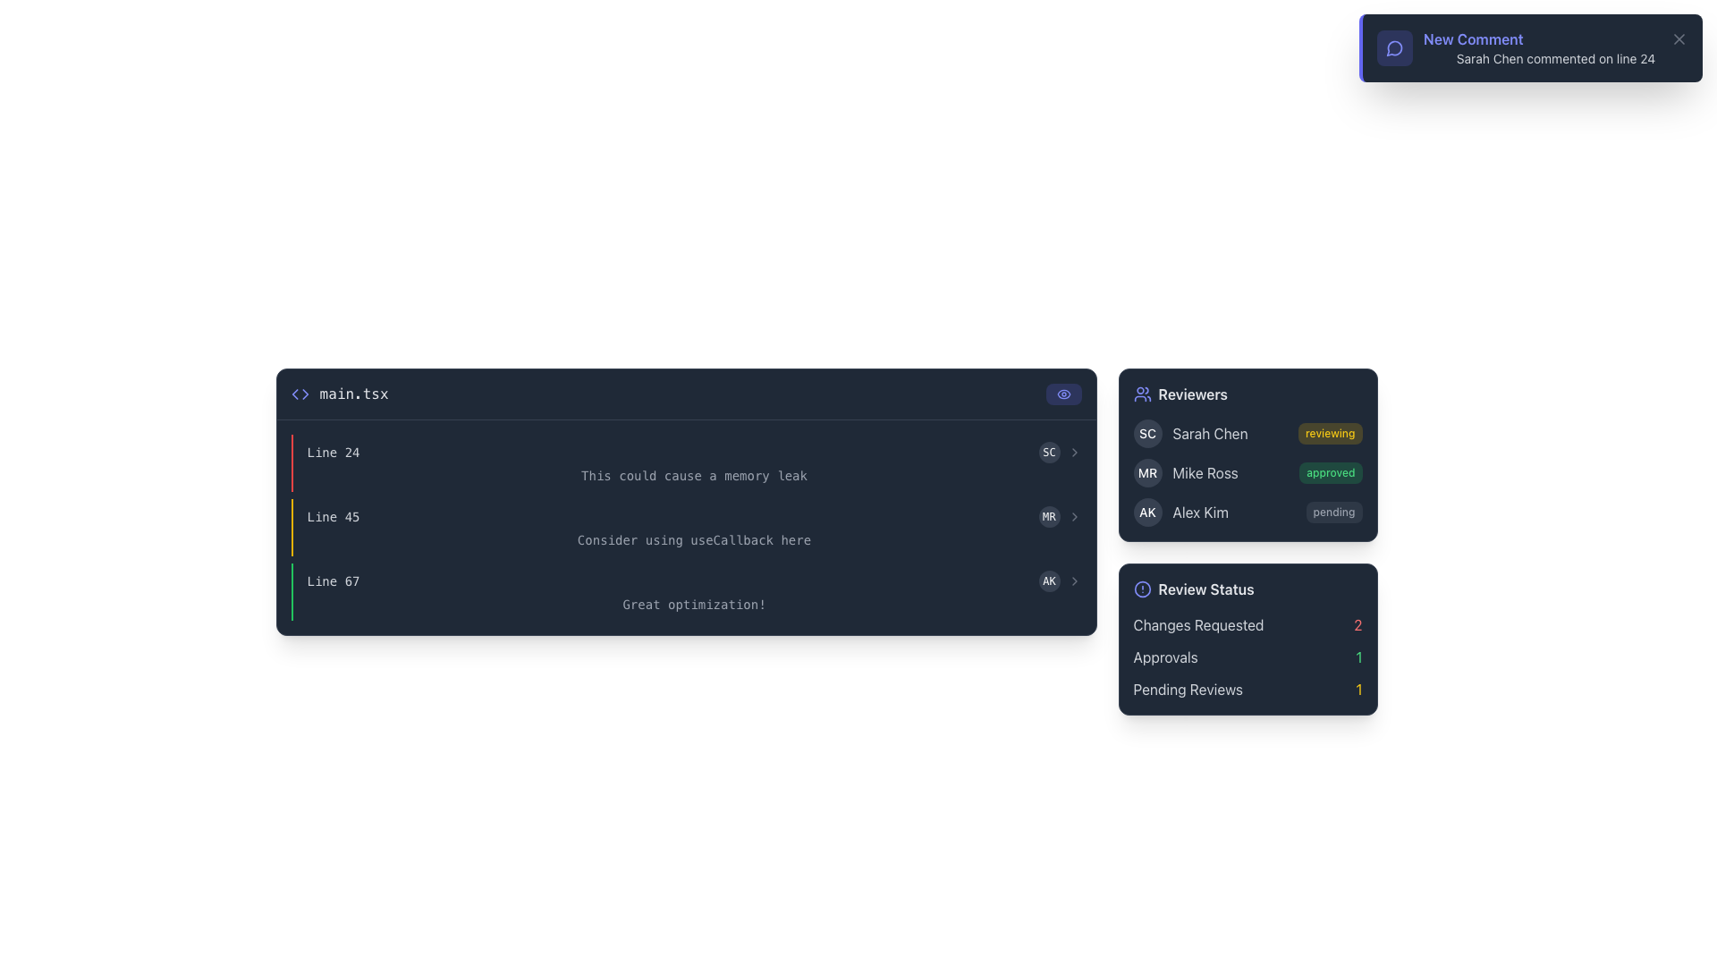 The width and height of the screenshot is (1717, 966). What do you see at coordinates (1186, 471) in the screenshot?
I see `the List item component that features an avatar with 'MR' inside a rounded area and a text label 'Mike Ross' on the right, located in the 'Reviewers' section of the interface` at bounding box center [1186, 471].